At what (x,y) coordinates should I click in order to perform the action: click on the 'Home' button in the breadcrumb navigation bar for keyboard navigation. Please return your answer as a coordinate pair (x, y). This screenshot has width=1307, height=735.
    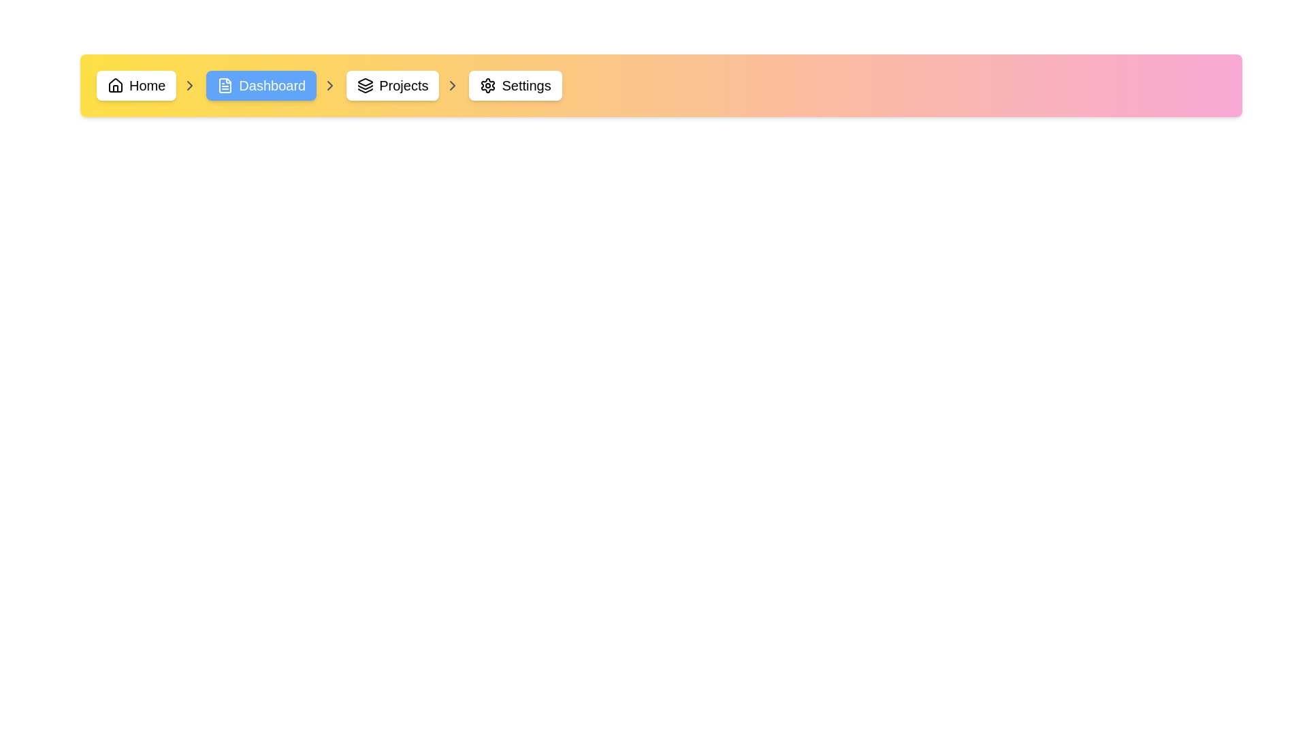
    Looking at the image, I should click on (147, 86).